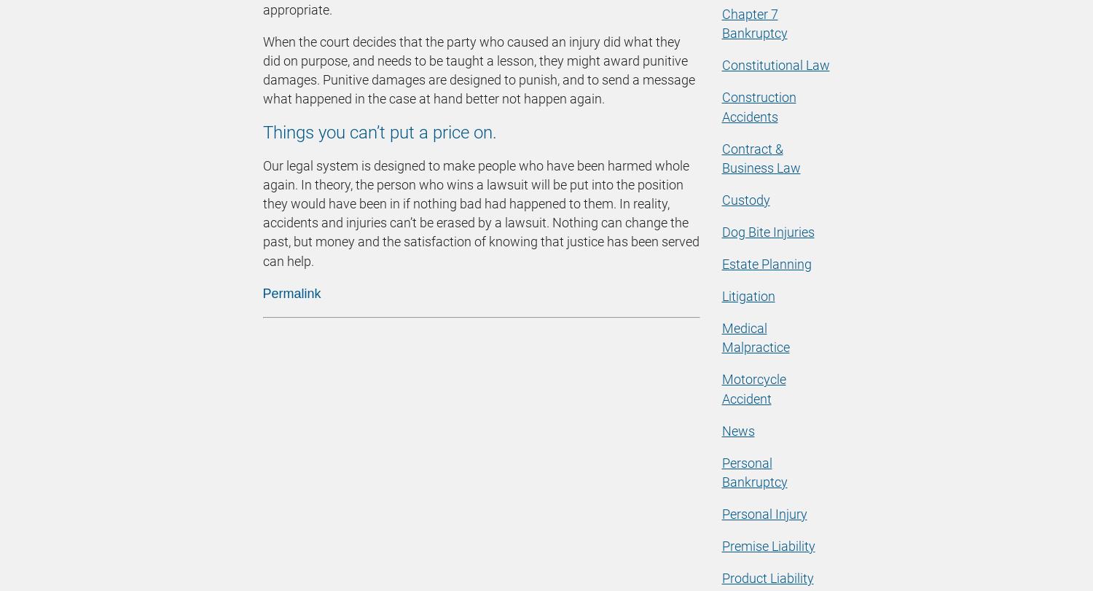 The width and height of the screenshot is (1093, 591). Describe the element at coordinates (379, 132) in the screenshot. I see `'Things you can’t put a price on.'` at that location.